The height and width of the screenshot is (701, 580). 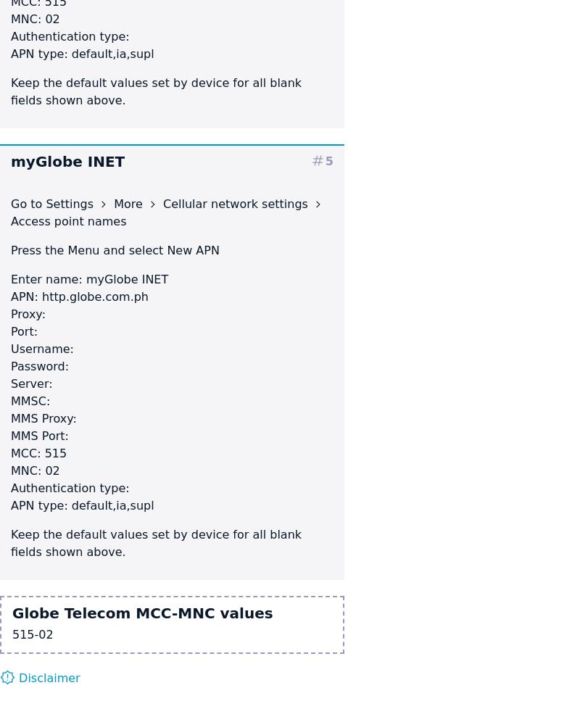 What do you see at coordinates (38, 436) in the screenshot?
I see `'MMS Port:'` at bounding box center [38, 436].